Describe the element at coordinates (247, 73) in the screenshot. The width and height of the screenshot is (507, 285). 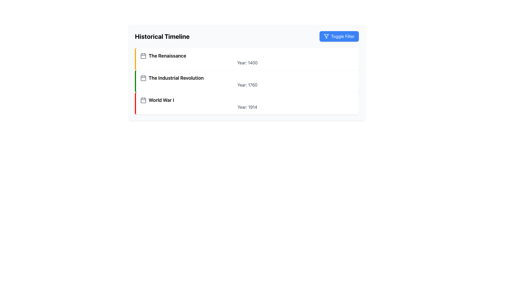
I see `the structured content box displaying 'The Industrial Revolution' event` at that location.